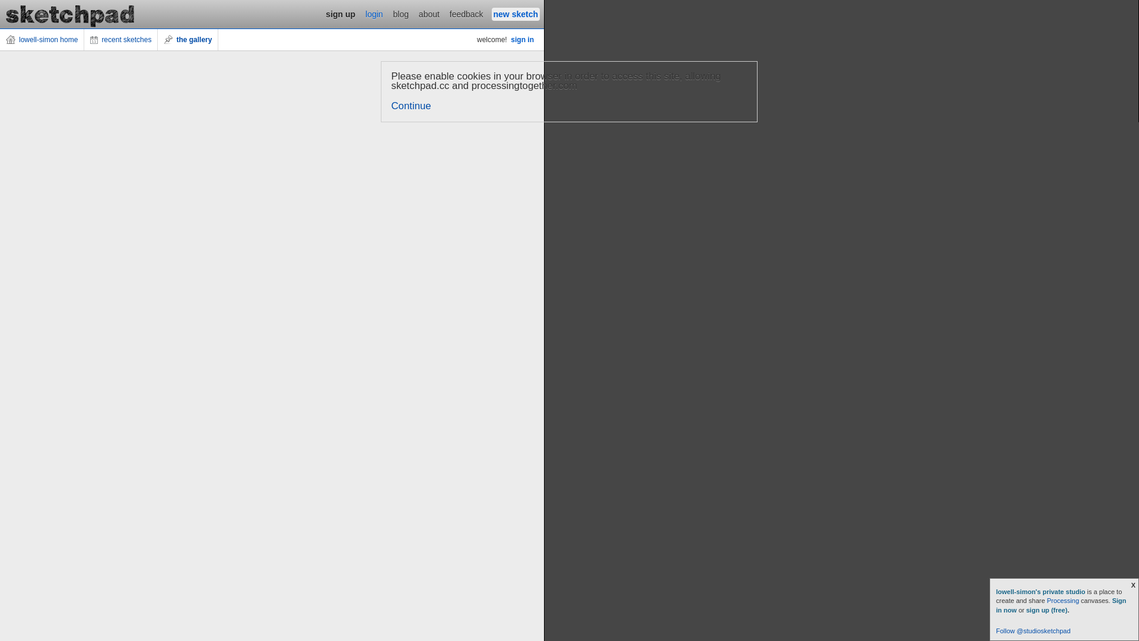 The image size is (1139, 641). I want to click on 'blog', so click(392, 14).